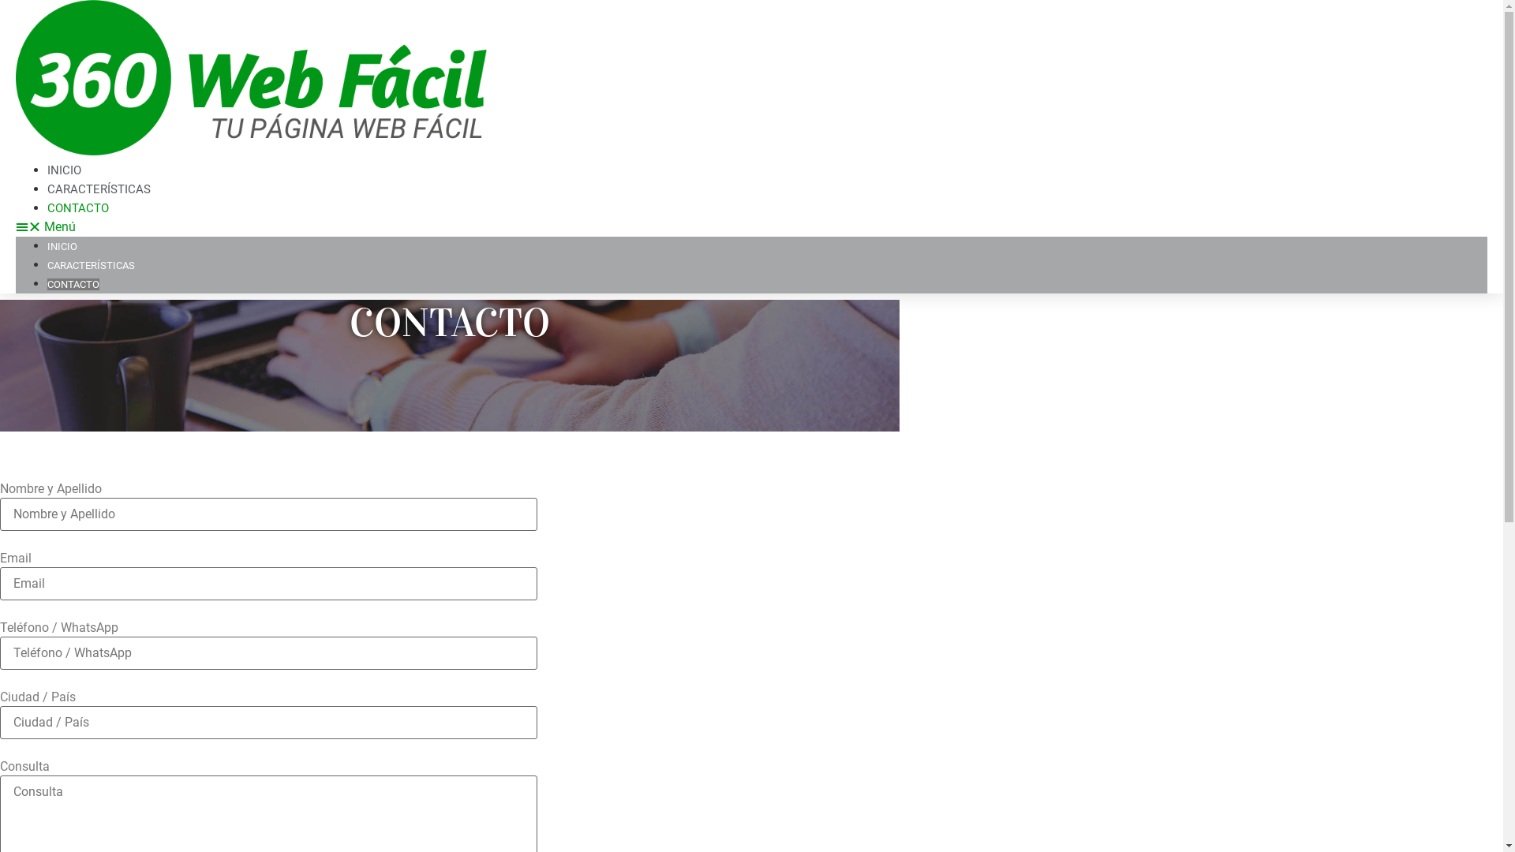 The height and width of the screenshot is (852, 1515). I want to click on 'INICIO', so click(62, 246).